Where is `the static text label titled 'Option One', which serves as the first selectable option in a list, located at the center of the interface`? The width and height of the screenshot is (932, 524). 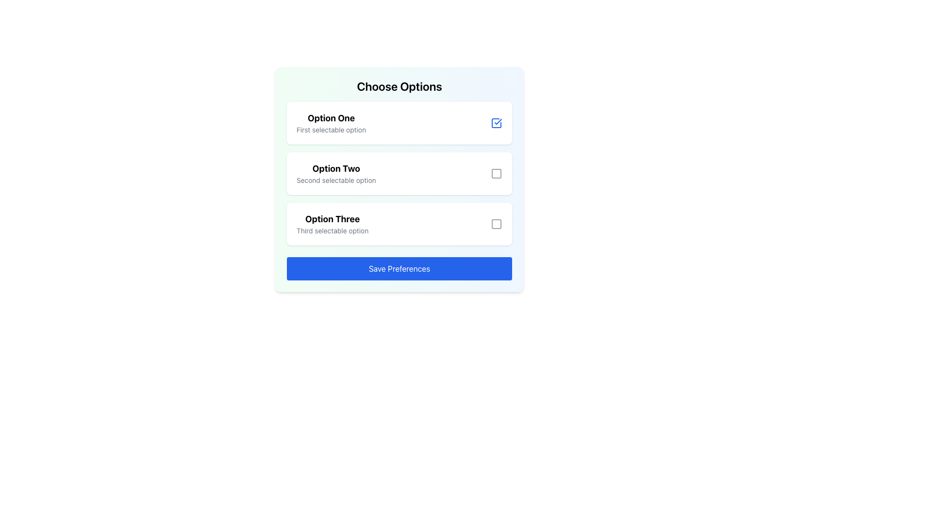 the static text label titled 'Option One', which serves as the first selectable option in a list, located at the center of the interface is located at coordinates (331, 117).